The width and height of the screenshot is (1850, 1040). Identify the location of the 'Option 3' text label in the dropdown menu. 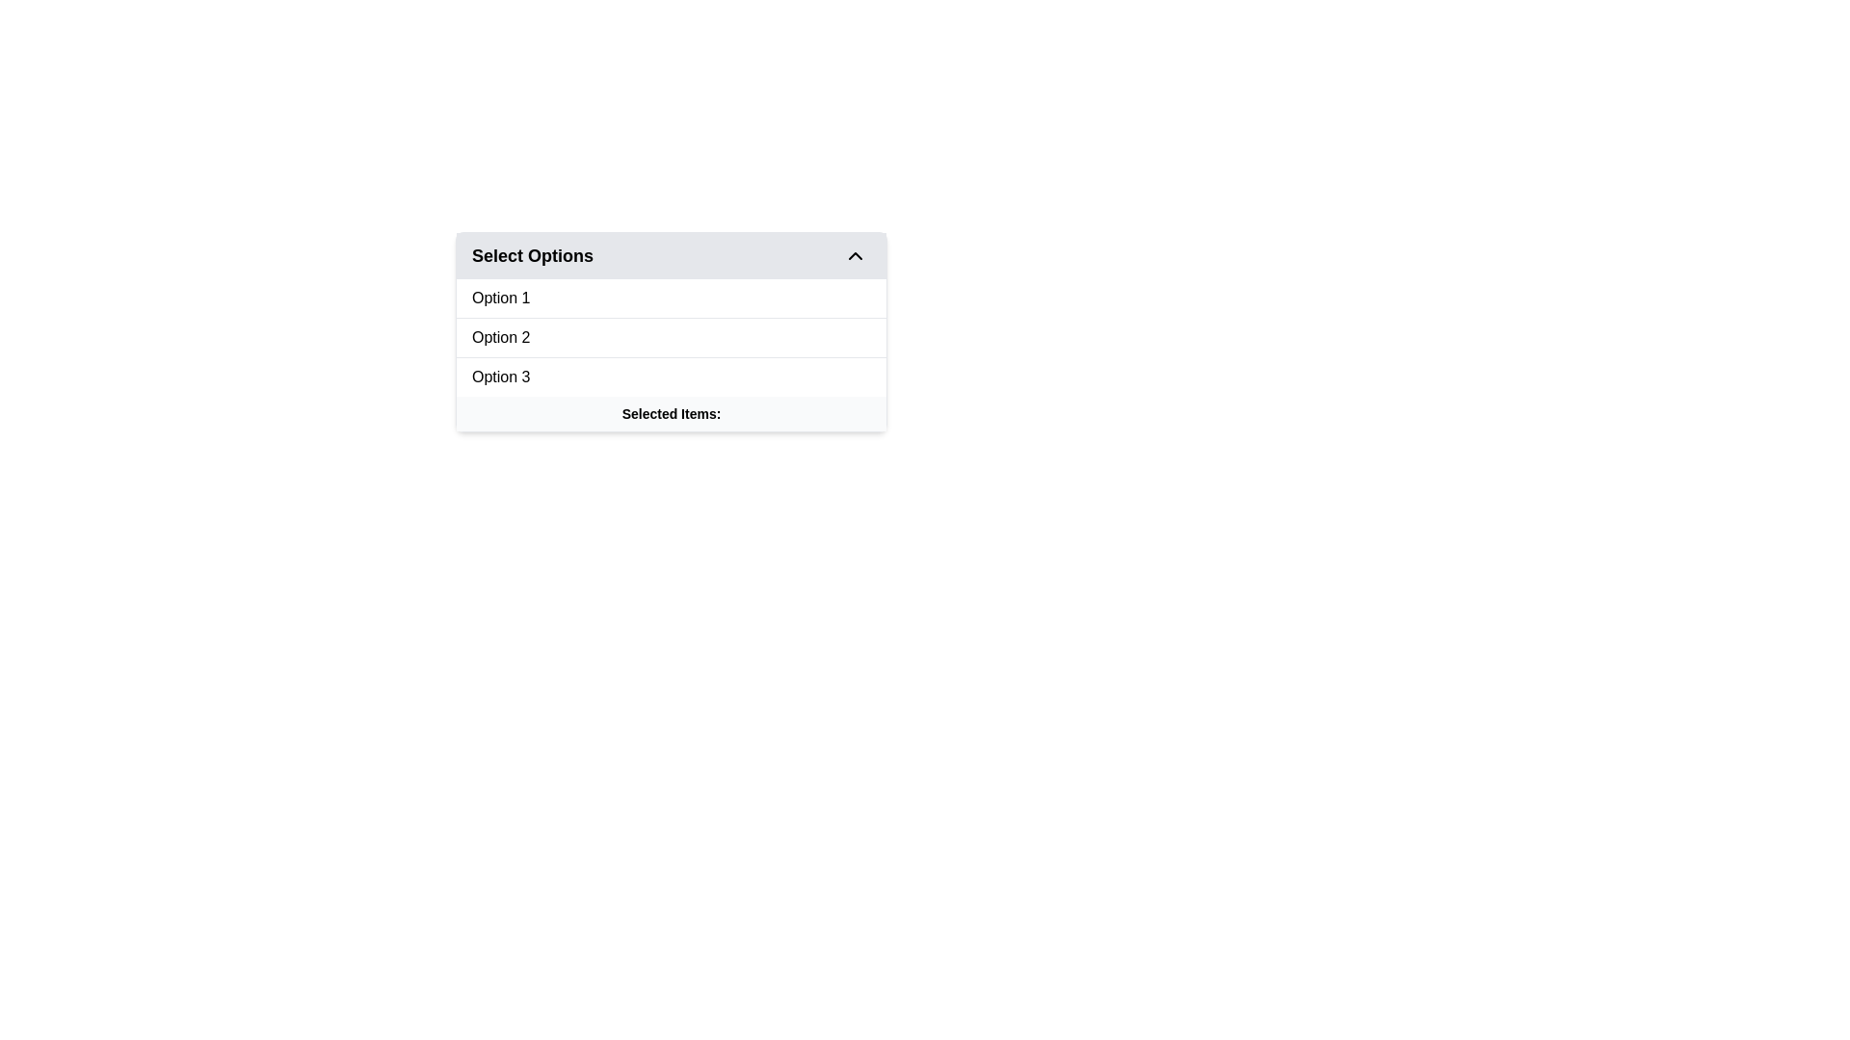
(501, 377).